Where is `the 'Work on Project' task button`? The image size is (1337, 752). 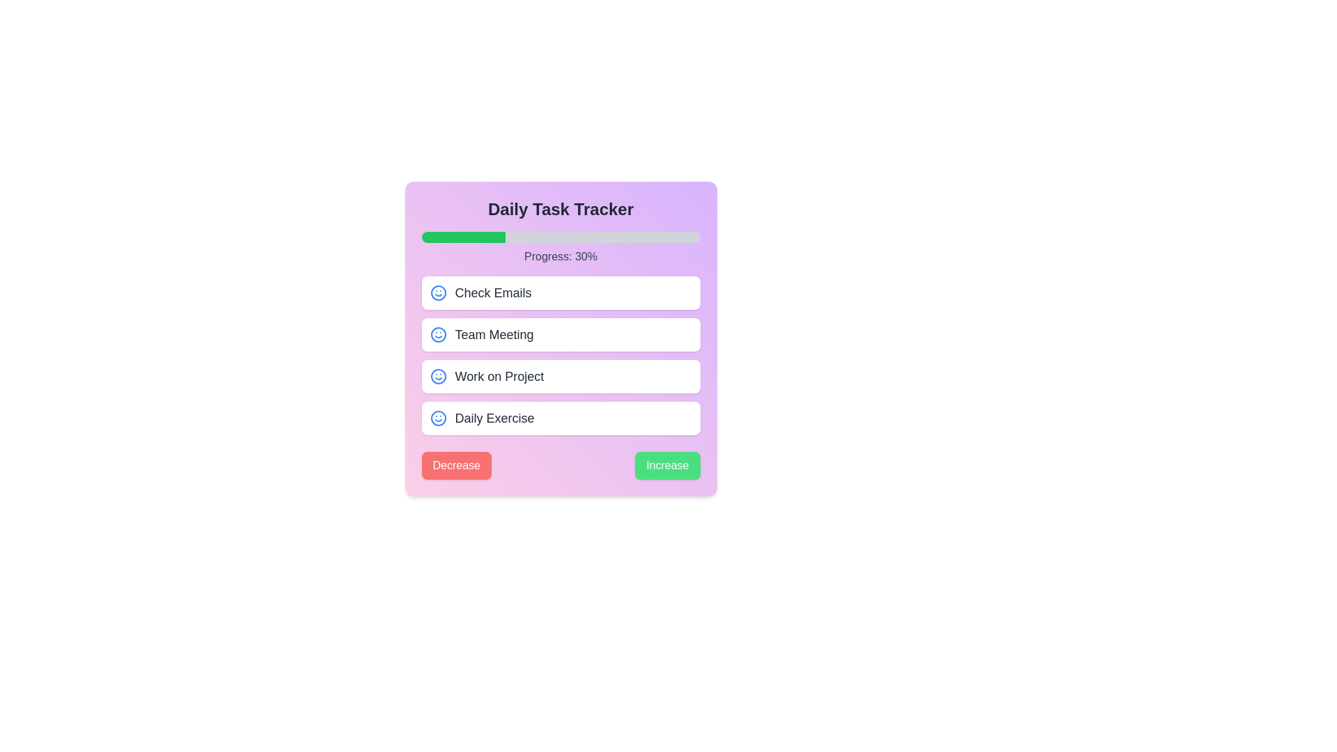 the 'Work on Project' task button is located at coordinates (561, 376).